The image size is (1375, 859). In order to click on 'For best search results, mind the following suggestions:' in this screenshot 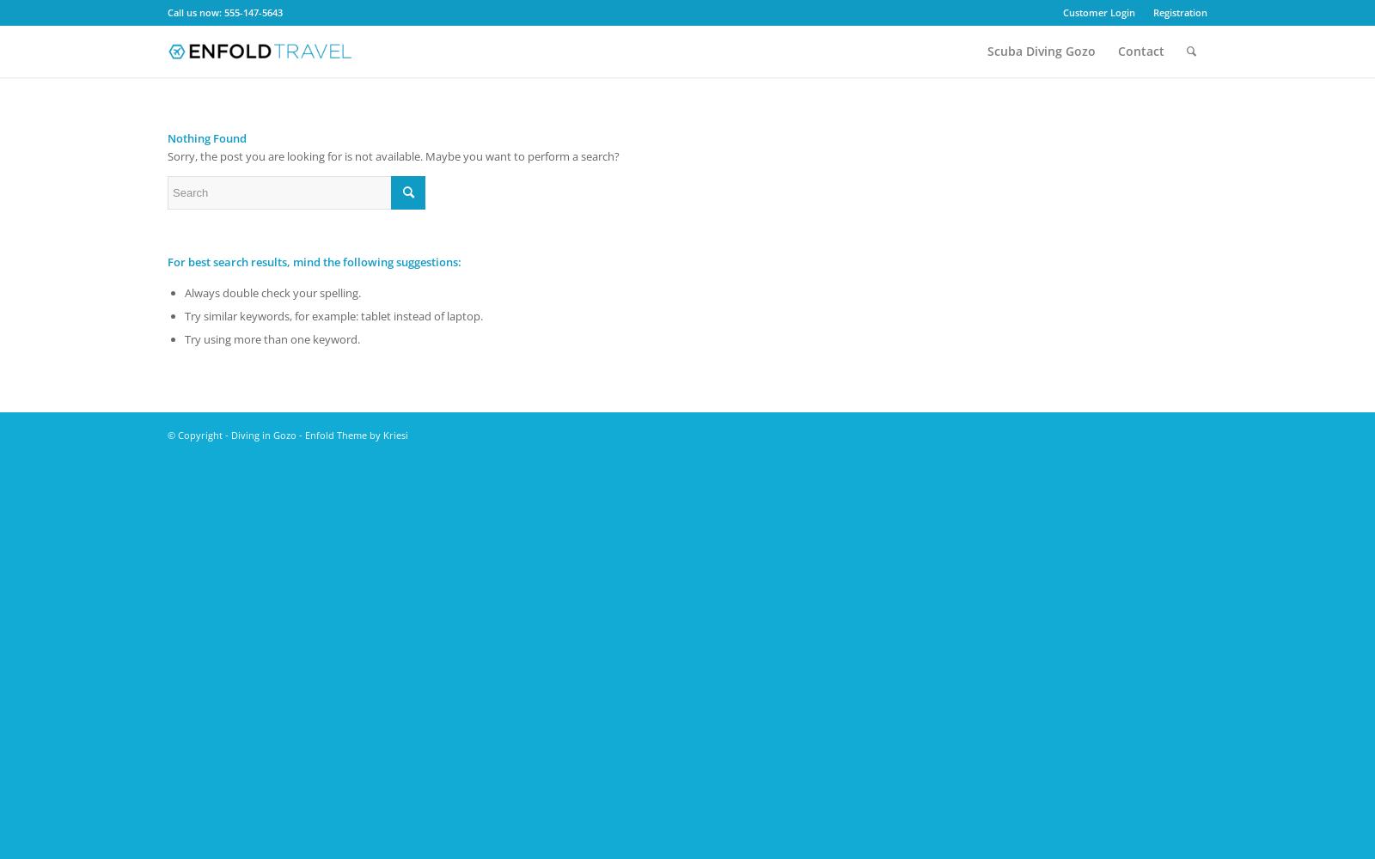, I will do `click(315, 262)`.